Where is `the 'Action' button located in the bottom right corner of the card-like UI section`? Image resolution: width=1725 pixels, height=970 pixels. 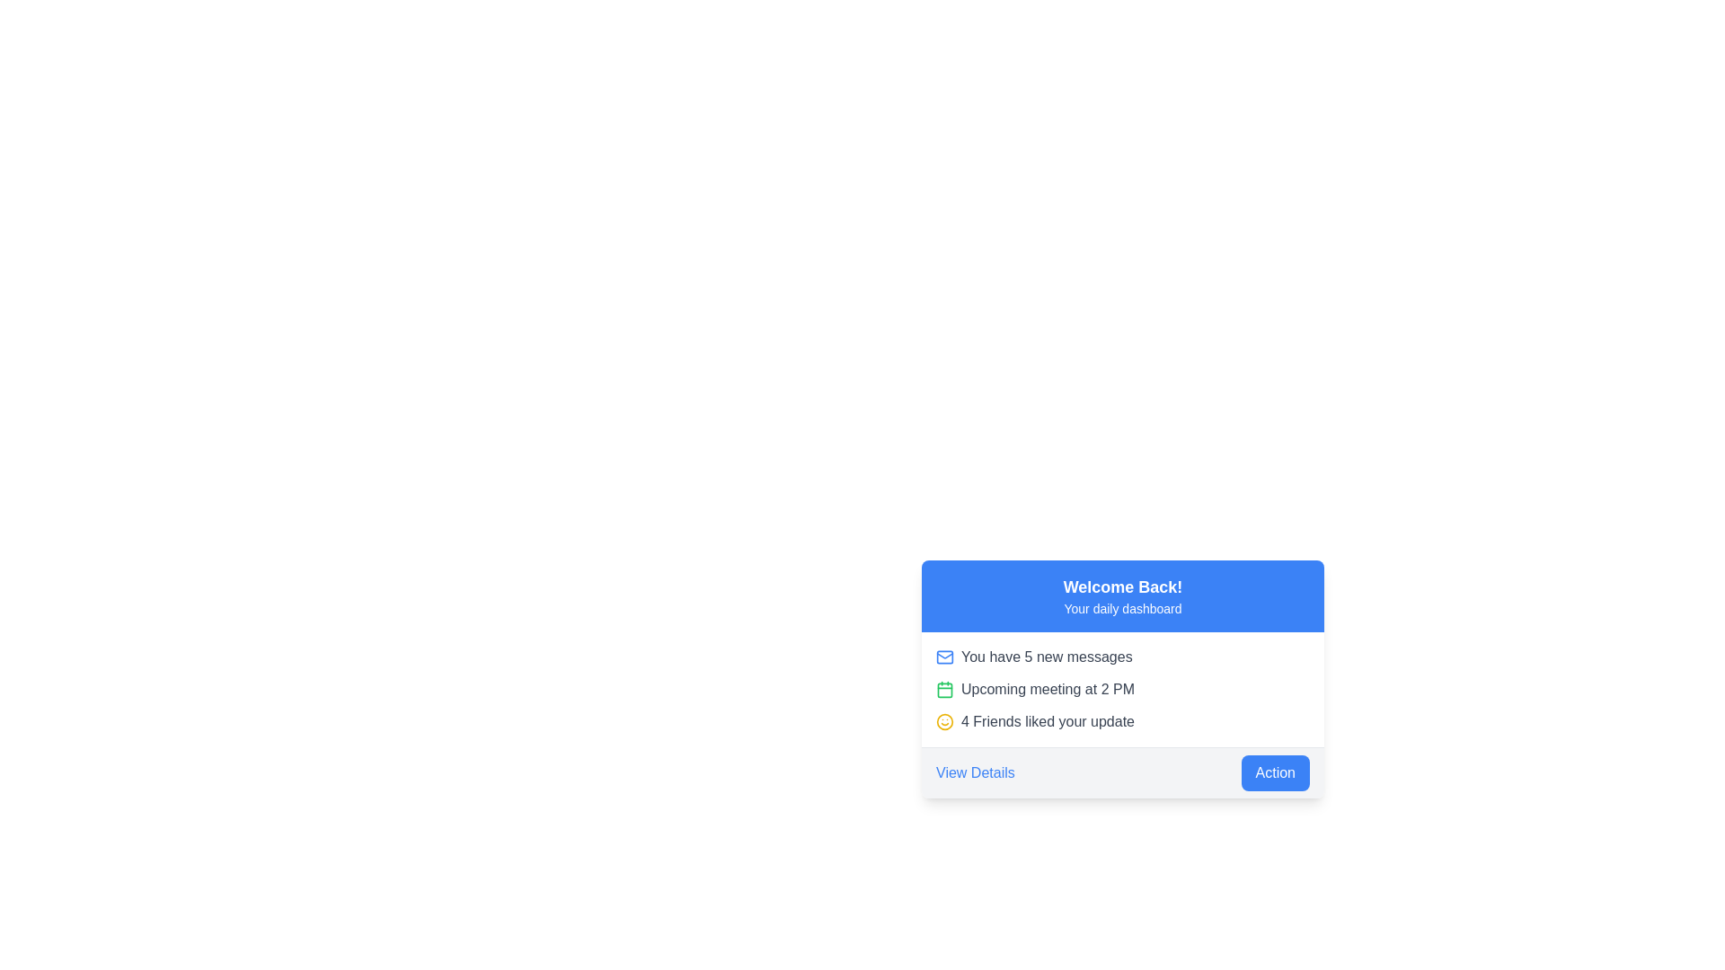
the 'Action' button located in the bottom right corner of the card-like UI section is located at coordinates (1274, 772).